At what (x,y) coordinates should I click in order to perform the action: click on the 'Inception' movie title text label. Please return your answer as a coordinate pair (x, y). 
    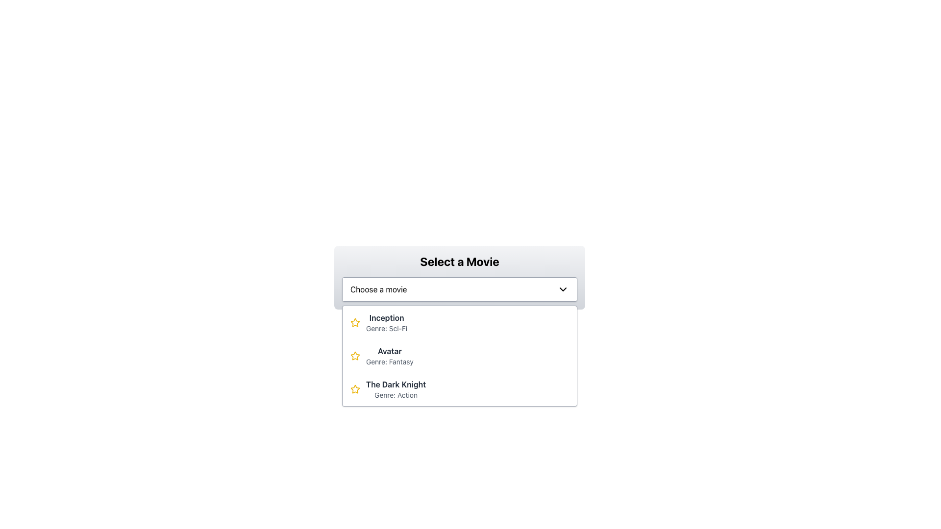
    Looking at the image, I should click on (386, 323).